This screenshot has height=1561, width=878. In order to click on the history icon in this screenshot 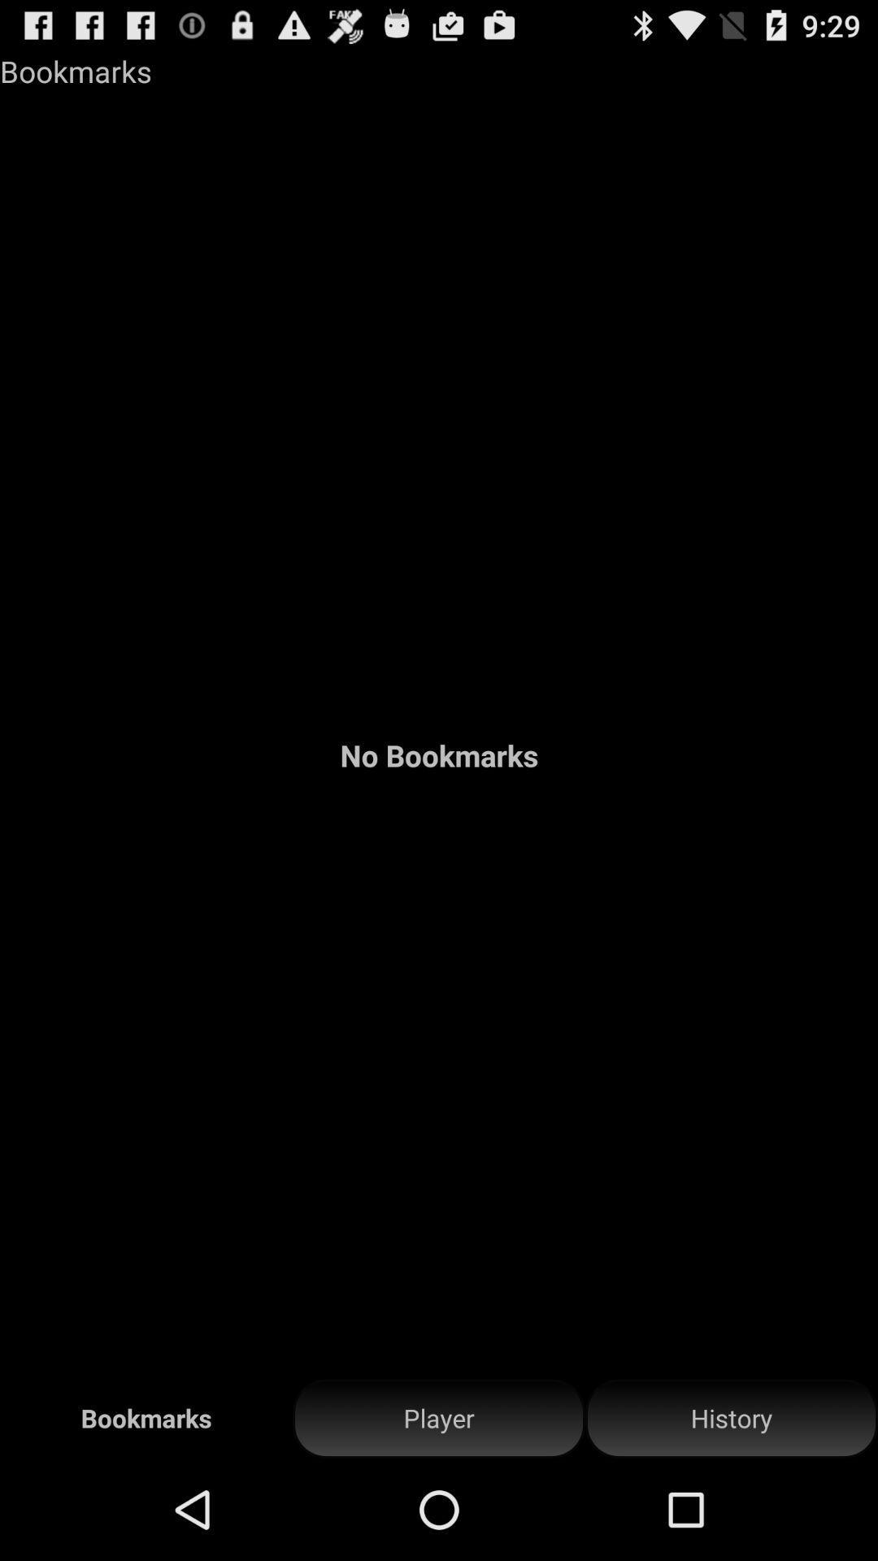, I will do `click(730, 1418)`.